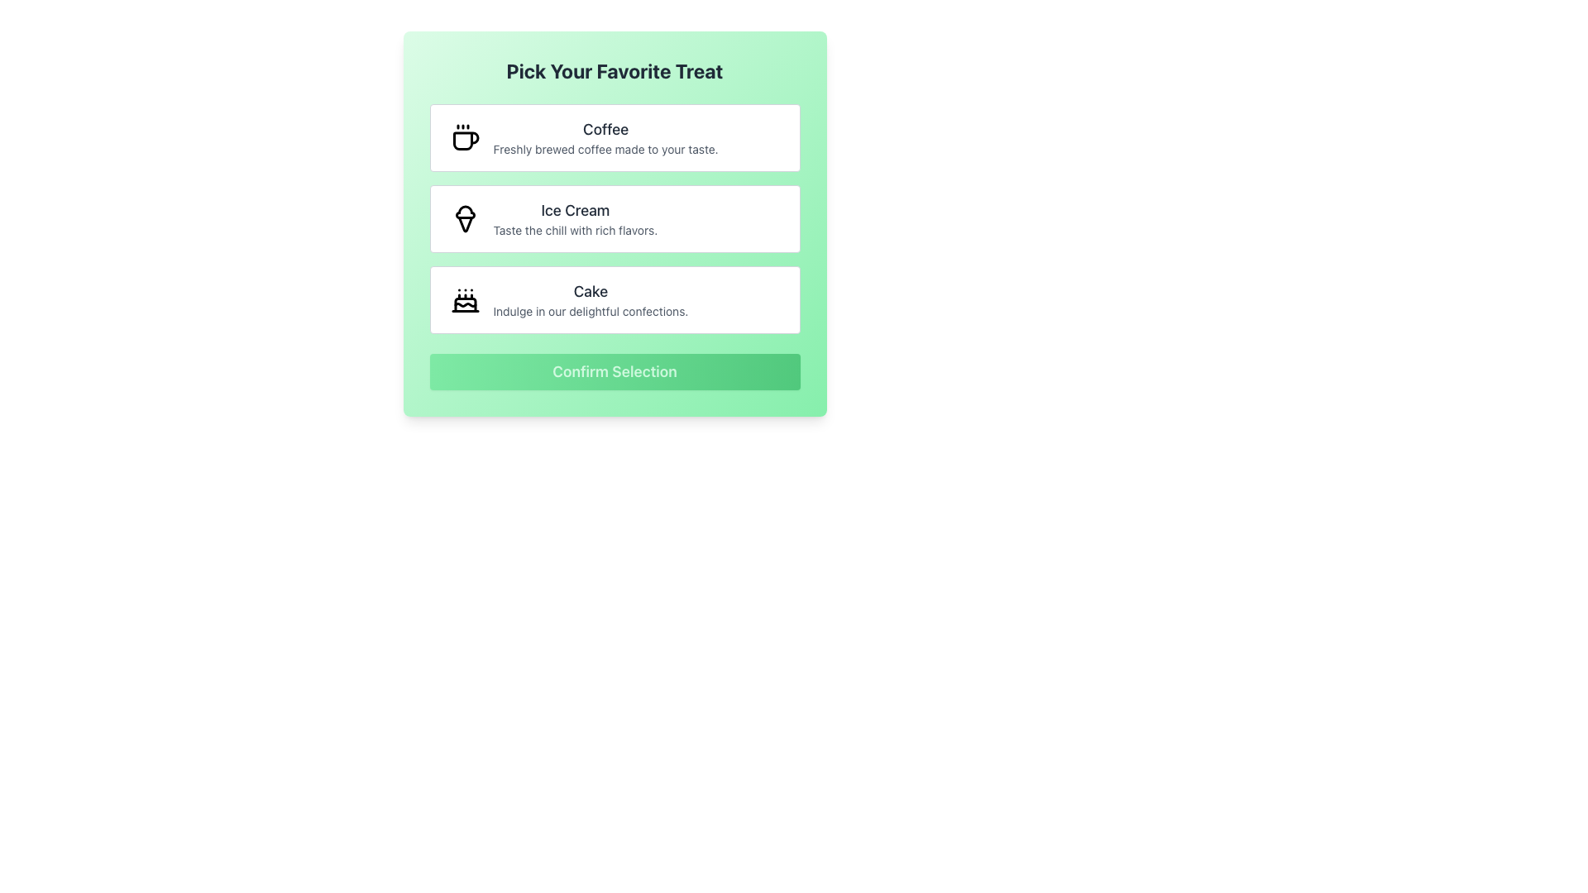  I want to click on the text label displaying 'Ice Cream' which serves as a header with the description 'Taste the chill with rich flavors.', so click(575, 218).